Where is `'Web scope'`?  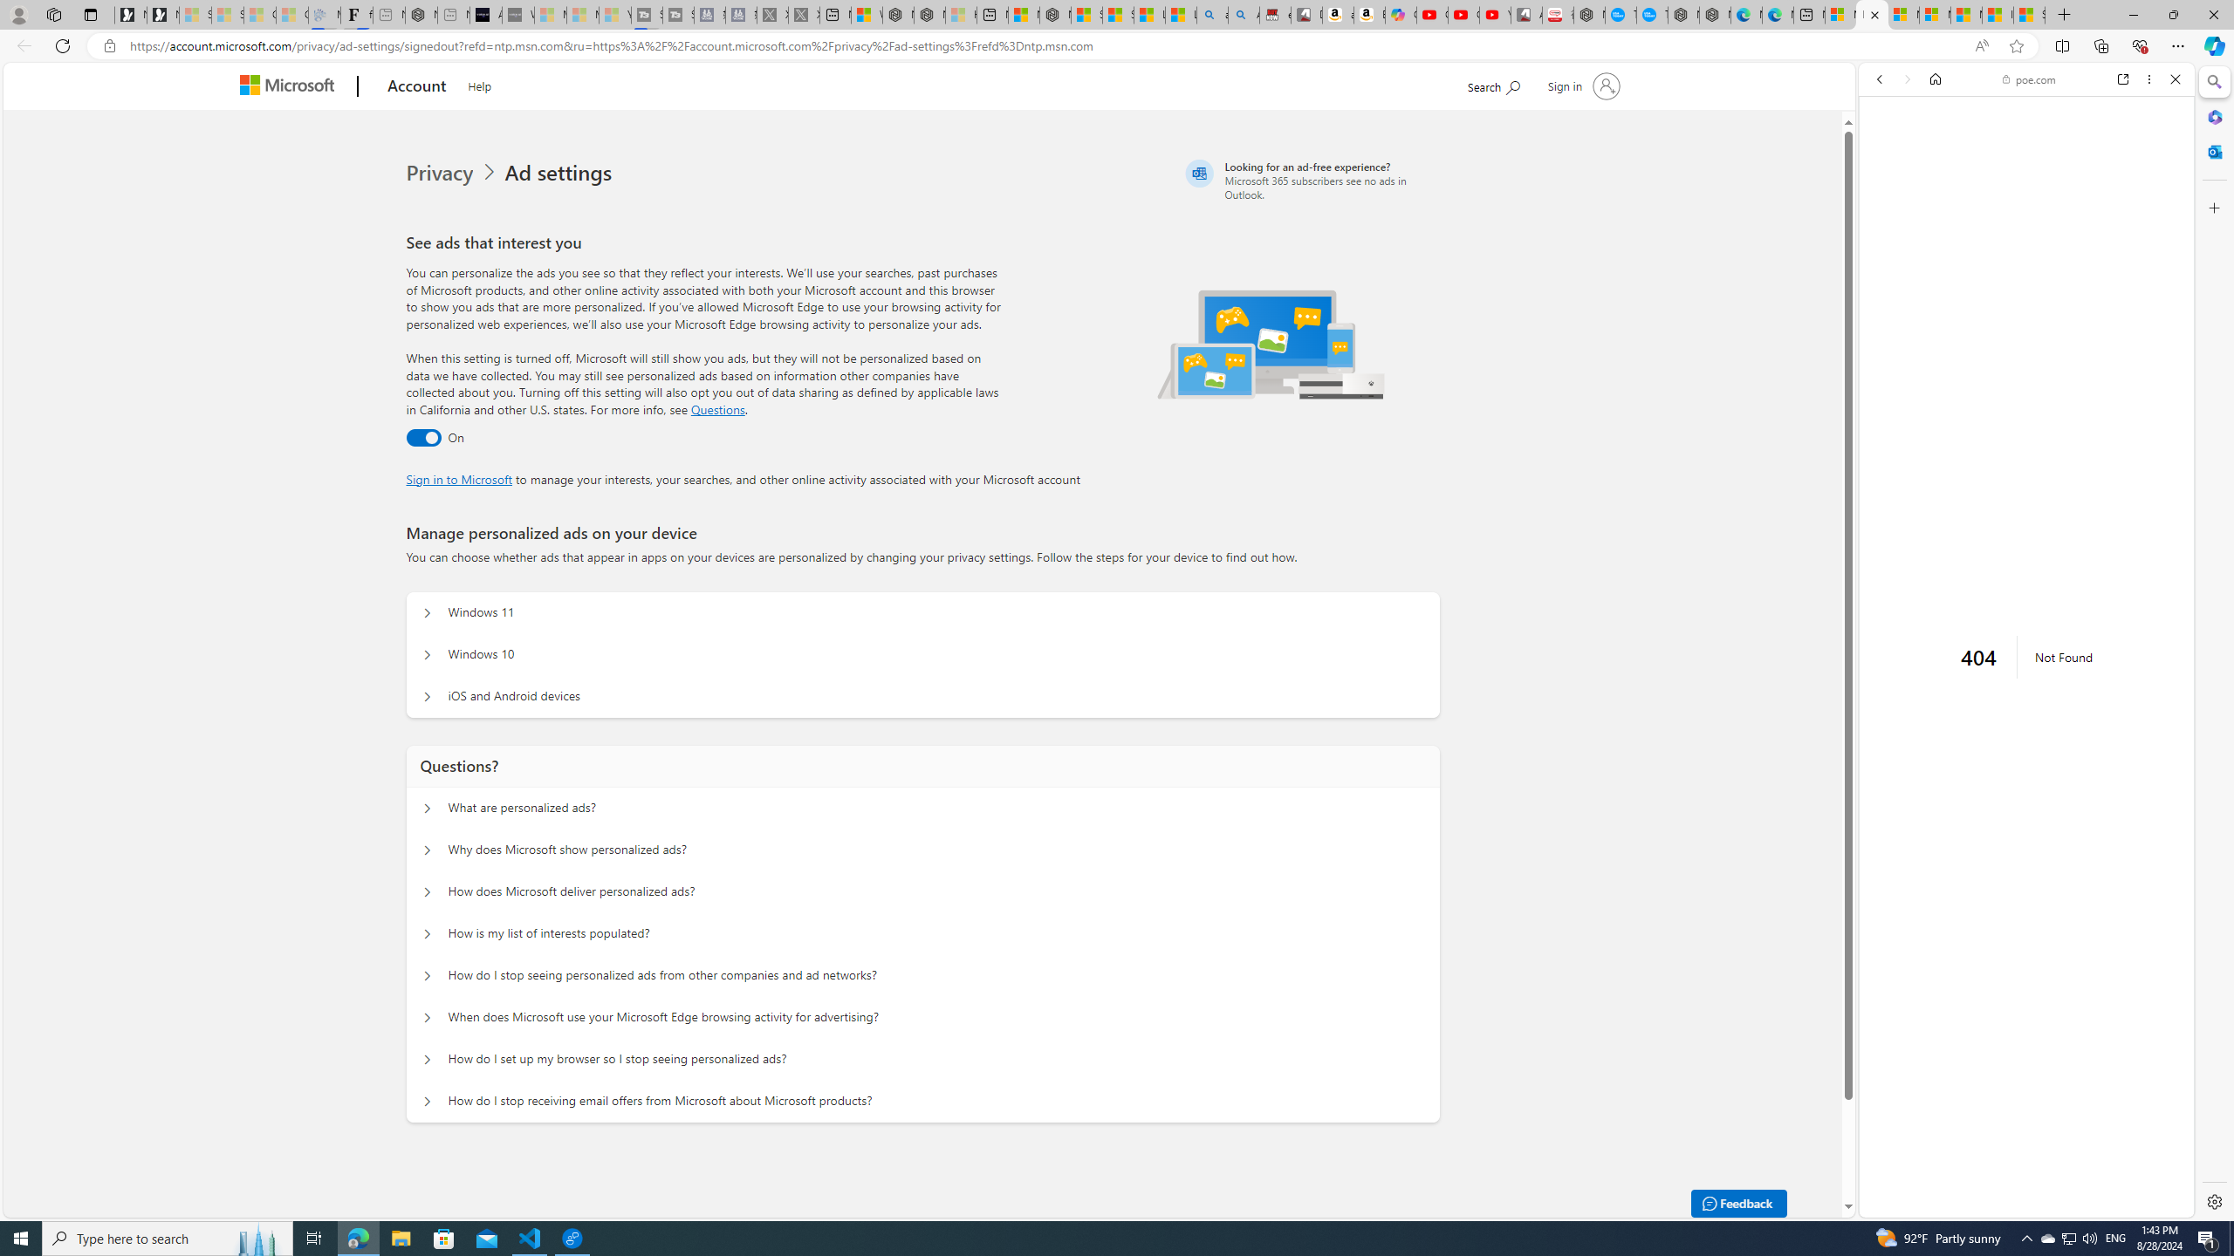 'Web scope' is located at coordinates (1887, 157).